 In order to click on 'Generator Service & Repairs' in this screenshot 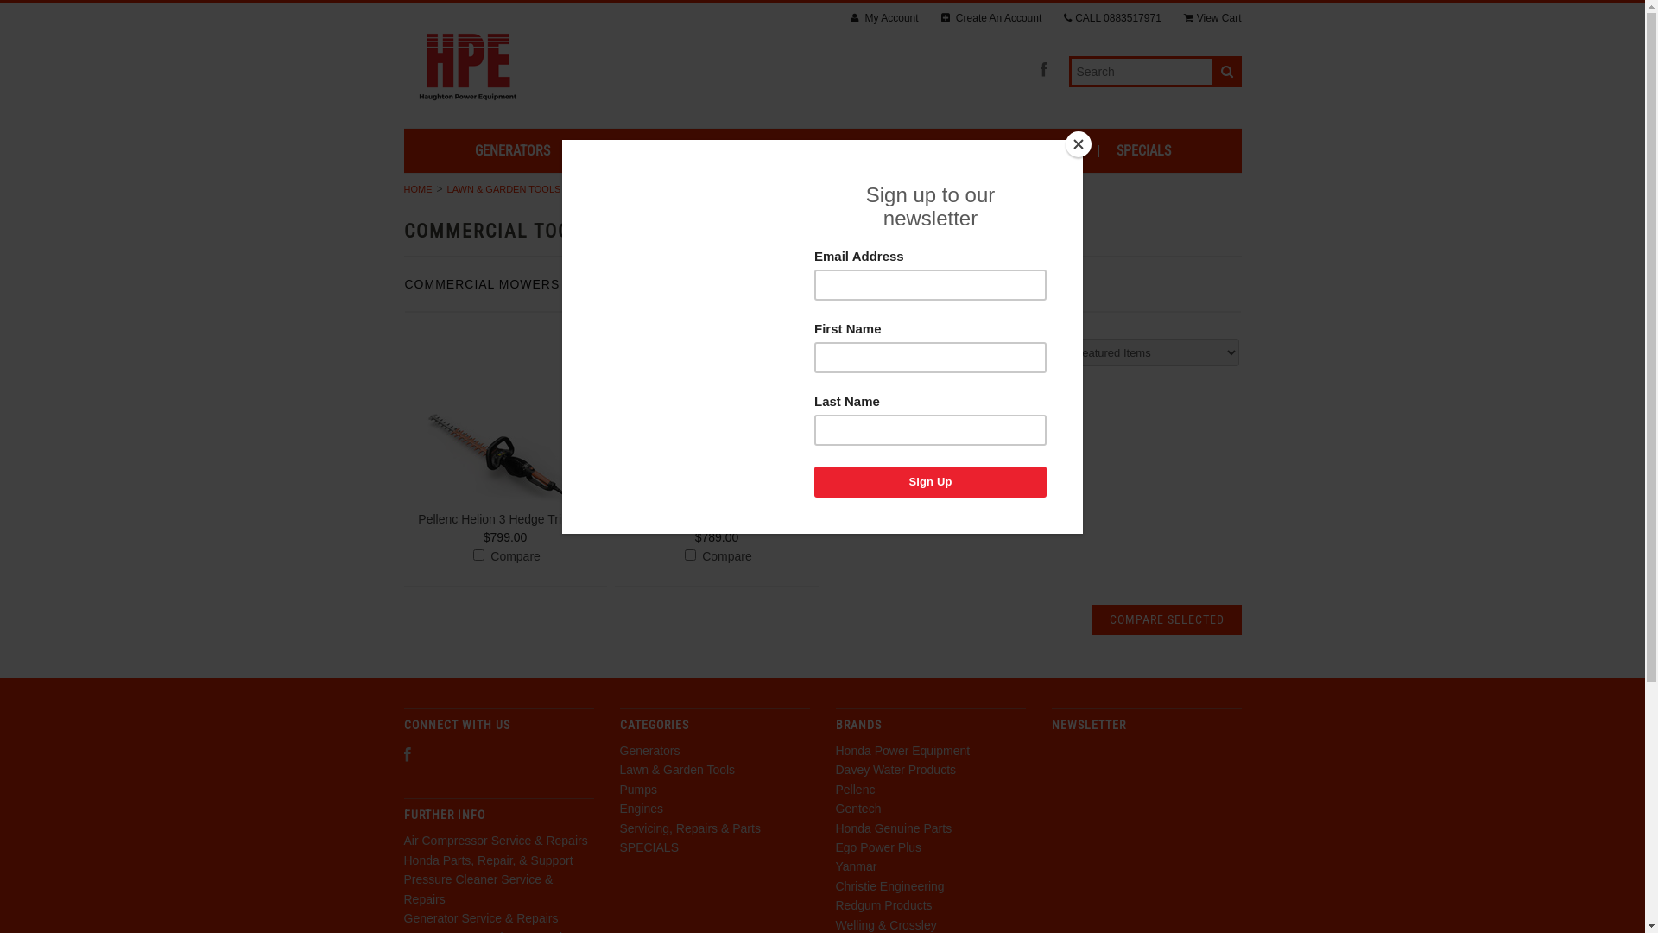, I will do `click(481, 917)`.